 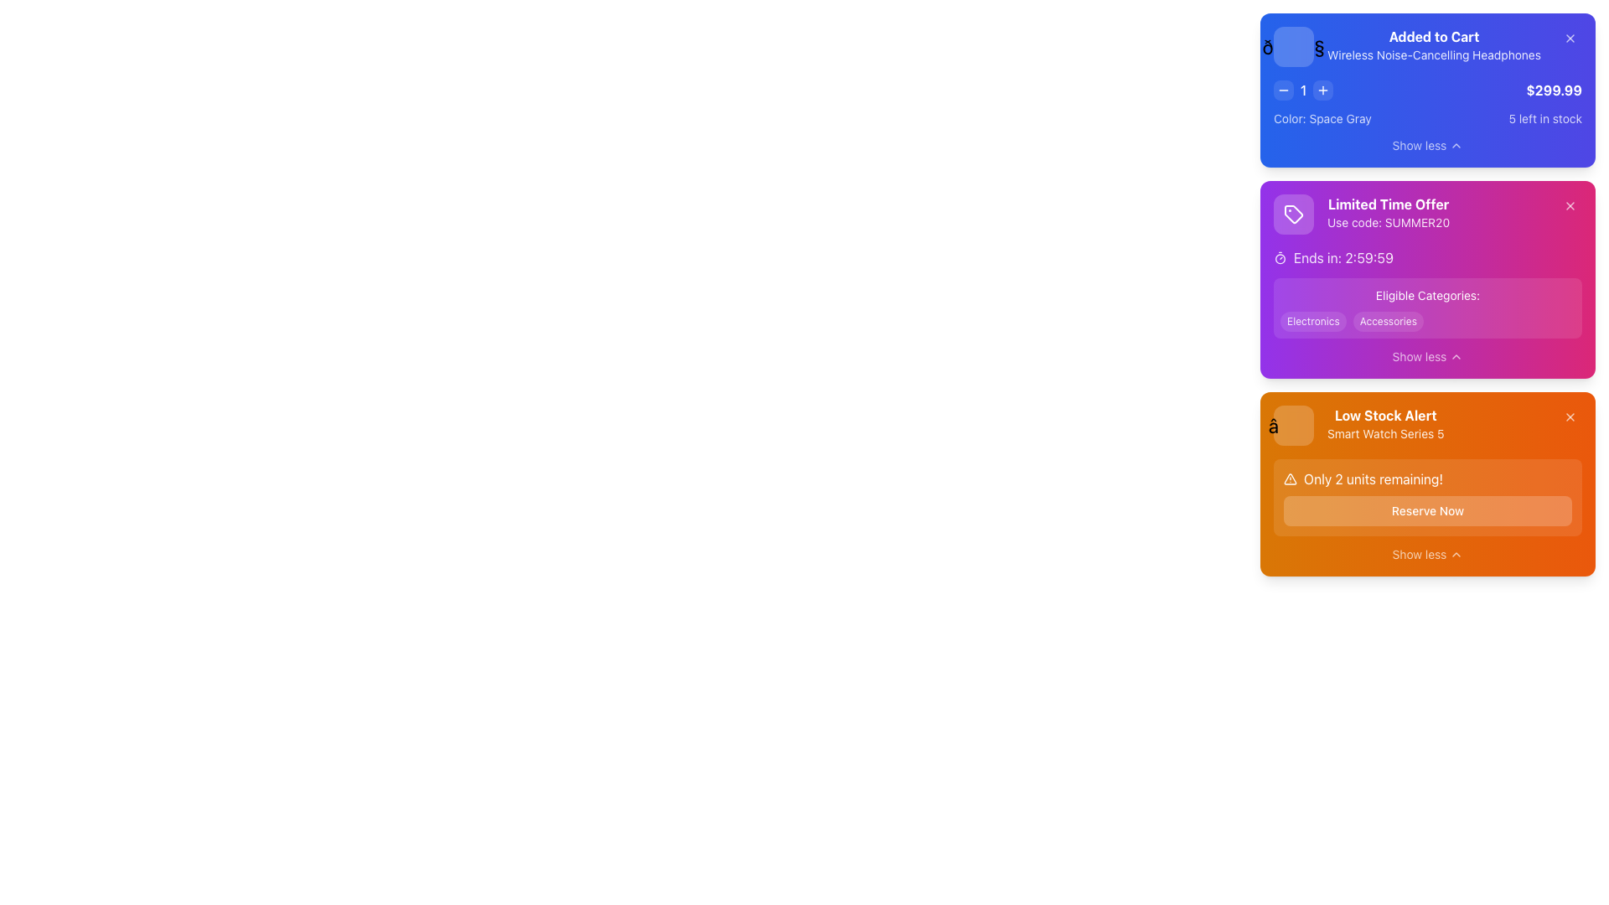 I want to click on the 'Reserve Now' button with a rounded rectangle shape and gradient orange background located in the bottom-right card labeled 'Low Stock Alert' to observe hover effects, so click(x=1427, y=509).